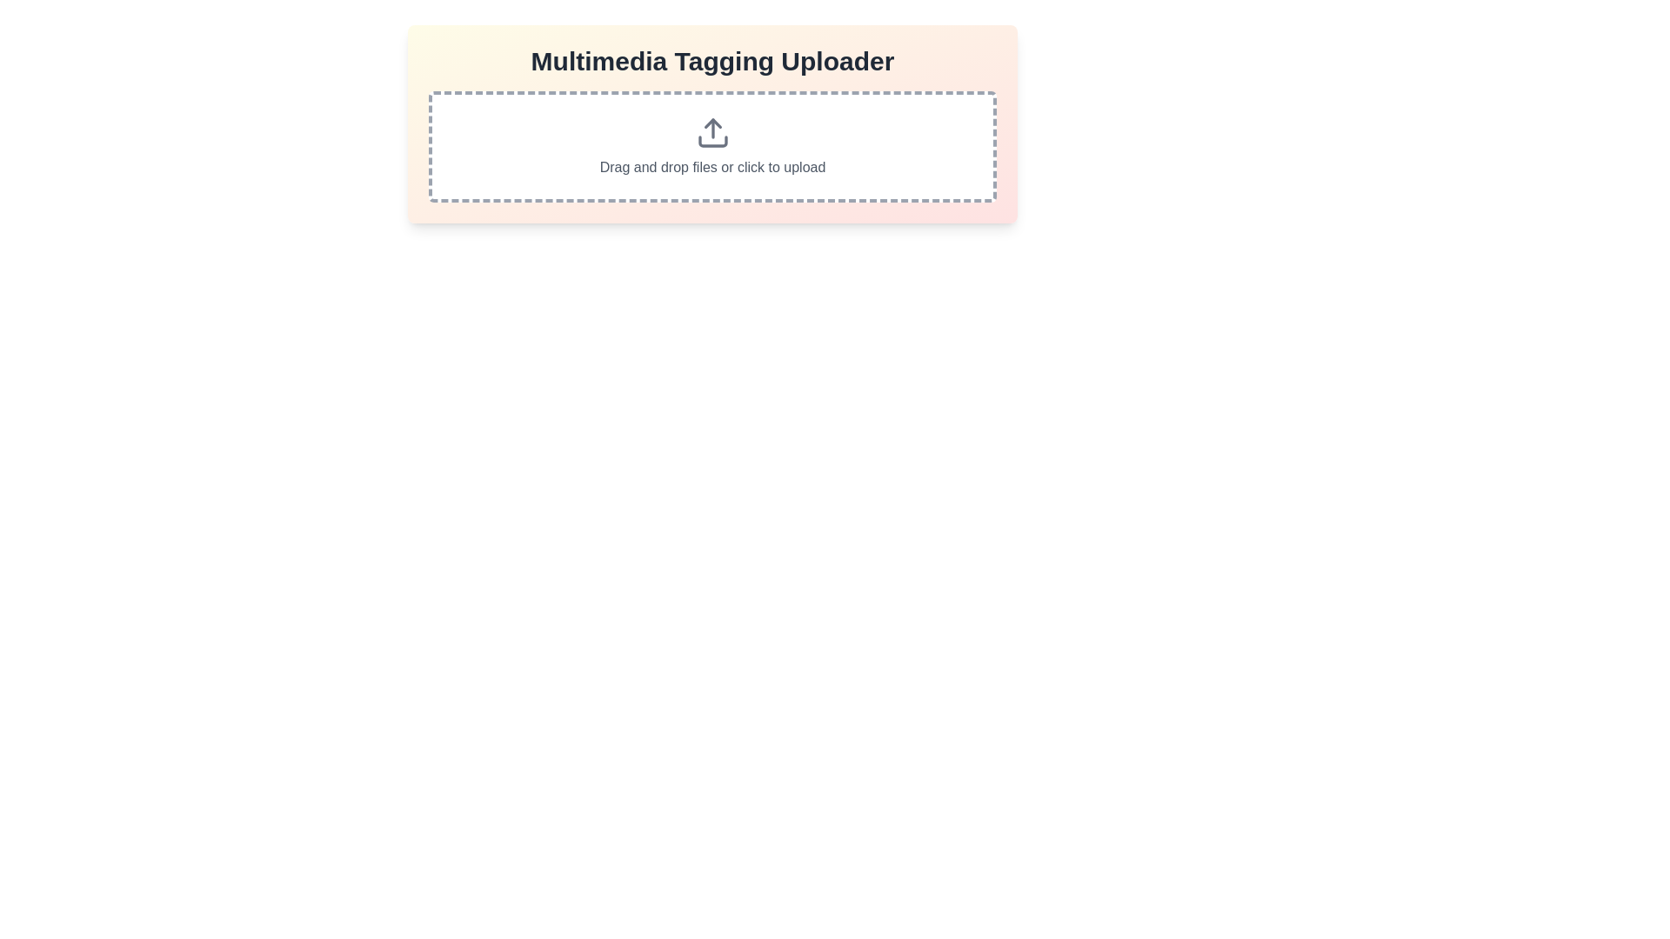 This screenshot has width=1670, height=939. I want to click on the upload icon, which is a gray arrow pointing upward into a tray, located above the text 'Drag and drop files or click to upload' in the uploader section, so click(712, 132).